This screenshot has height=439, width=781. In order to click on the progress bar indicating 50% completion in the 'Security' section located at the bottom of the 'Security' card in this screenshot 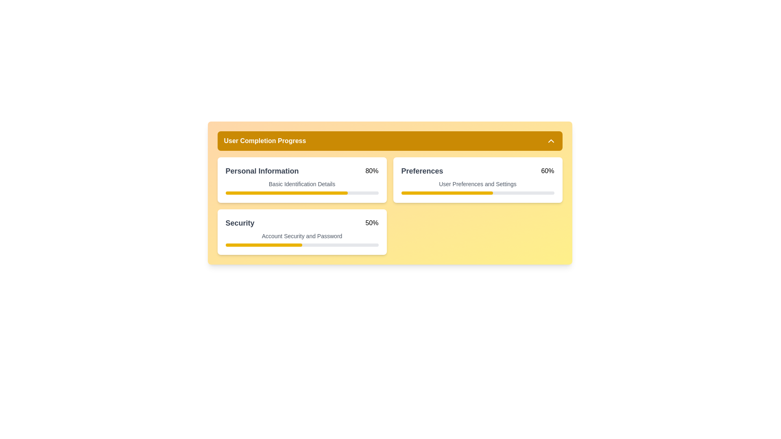, I will do `click(301, 244)`.